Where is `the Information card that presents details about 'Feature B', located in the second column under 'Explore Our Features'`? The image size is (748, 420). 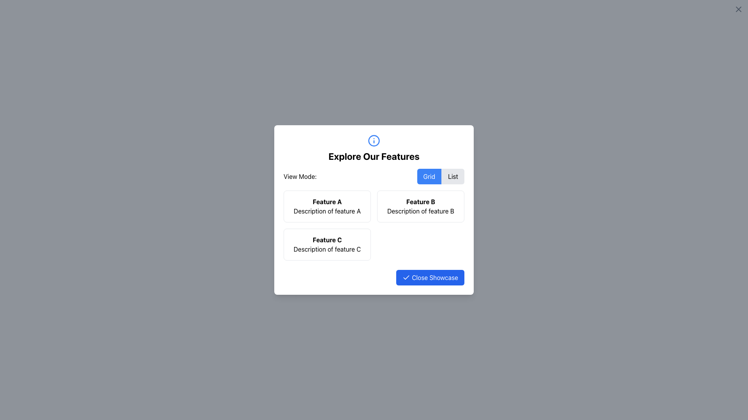 the Information card that presents details about 'Feature B', located in the second column under 'Explore Our Features' is located at coordinates (420, 206).